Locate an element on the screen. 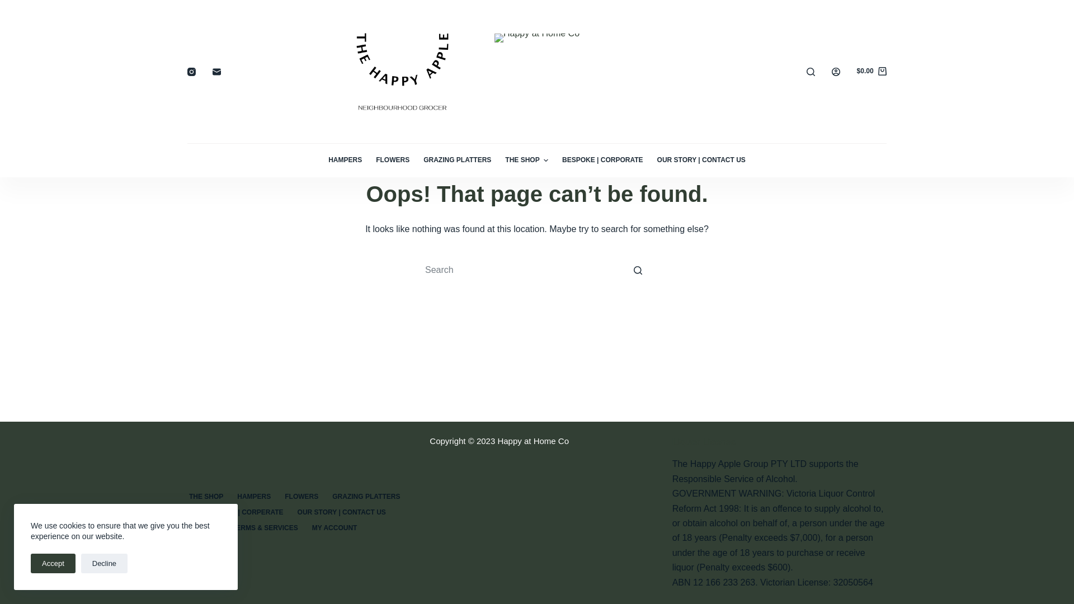 This screenshot has width=1074, height=604. 'BESPOKE | CORPERATE' is located at coordinates (243, 513).